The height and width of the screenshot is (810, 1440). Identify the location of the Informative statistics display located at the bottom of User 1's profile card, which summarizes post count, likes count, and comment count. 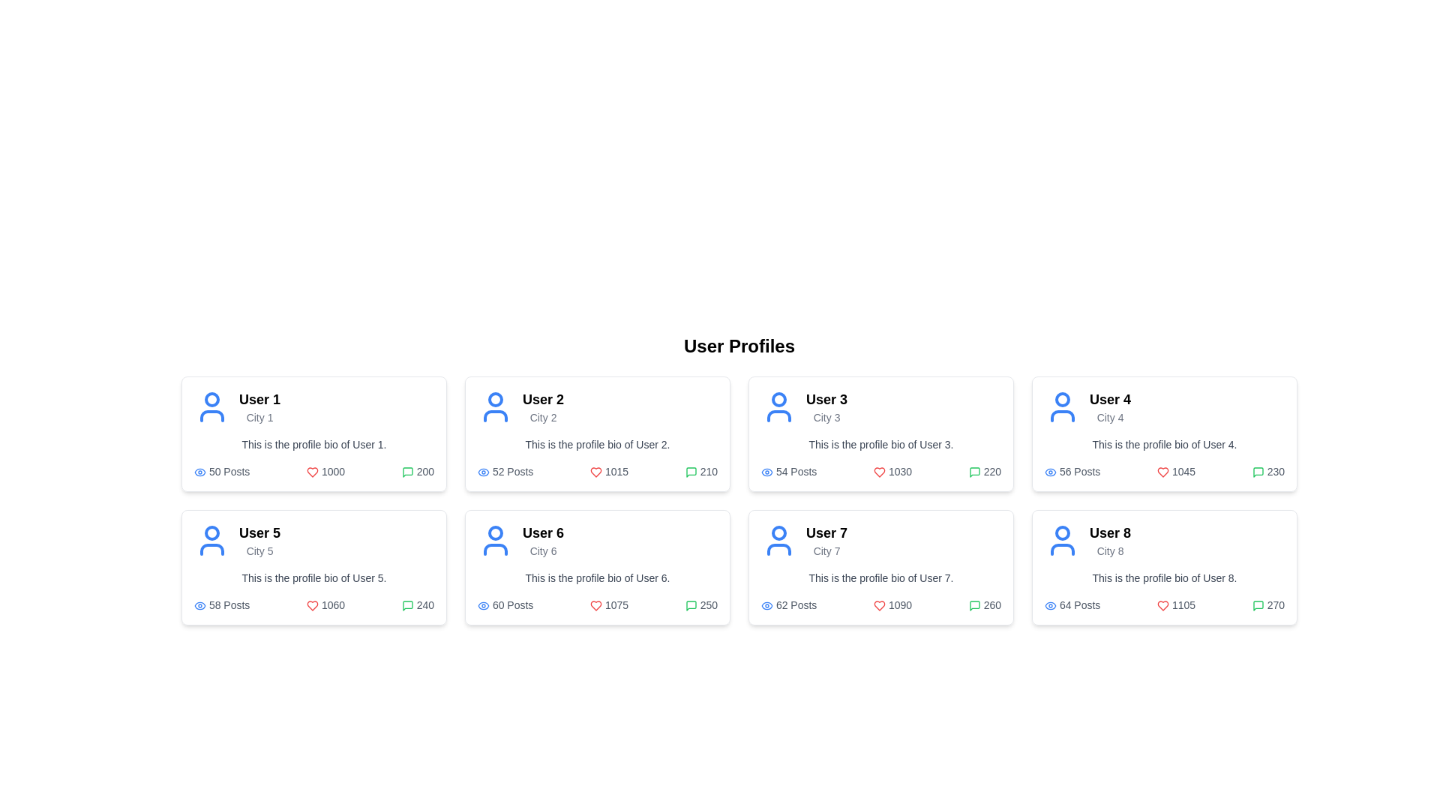
(313, 470).